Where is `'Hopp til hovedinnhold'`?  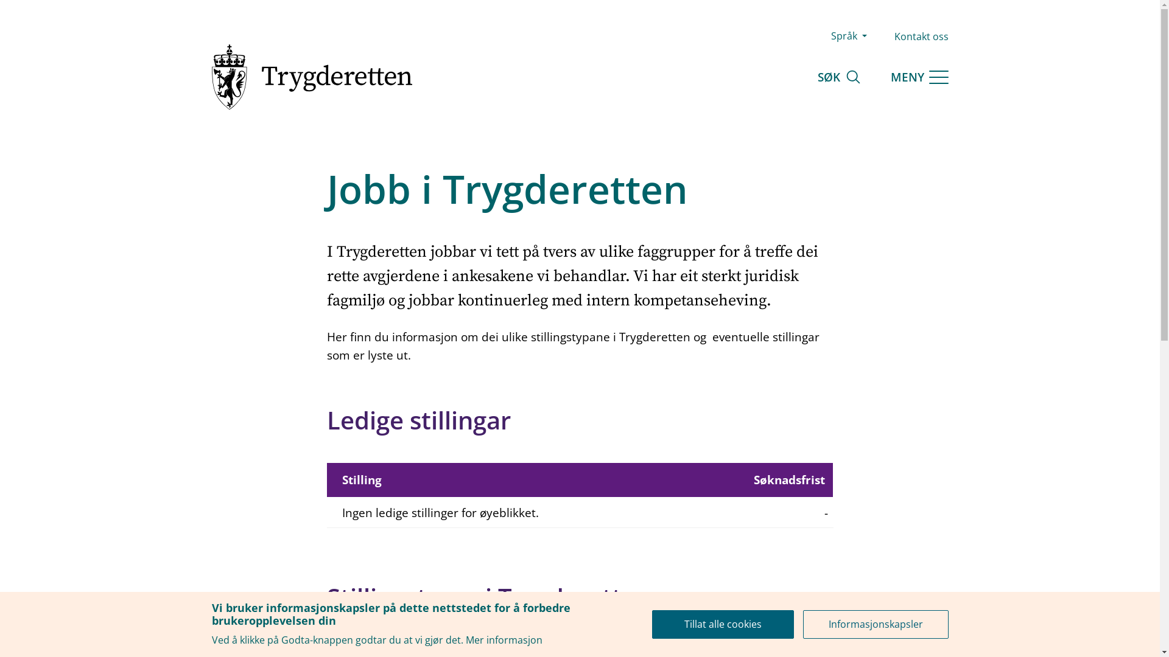
'Hopp til hovedinnhold' is located at coordinates (0, 0).